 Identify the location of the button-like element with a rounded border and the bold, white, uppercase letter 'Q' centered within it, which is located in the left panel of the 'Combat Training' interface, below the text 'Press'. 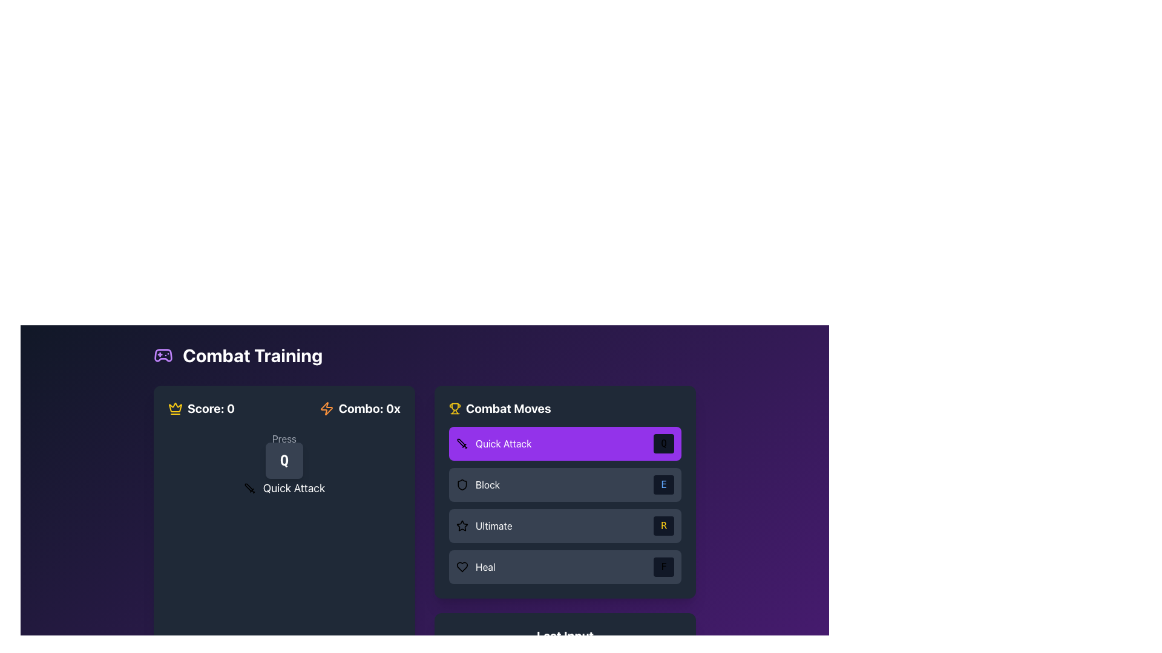
(284, 461).